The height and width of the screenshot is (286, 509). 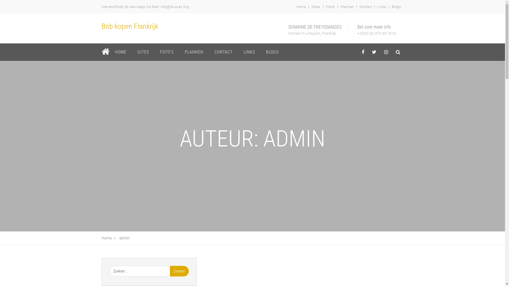 What do you see at coordinates (169, 271) in the screenshot?
I see `'Zoeken'` at bounding box center [169, 271].